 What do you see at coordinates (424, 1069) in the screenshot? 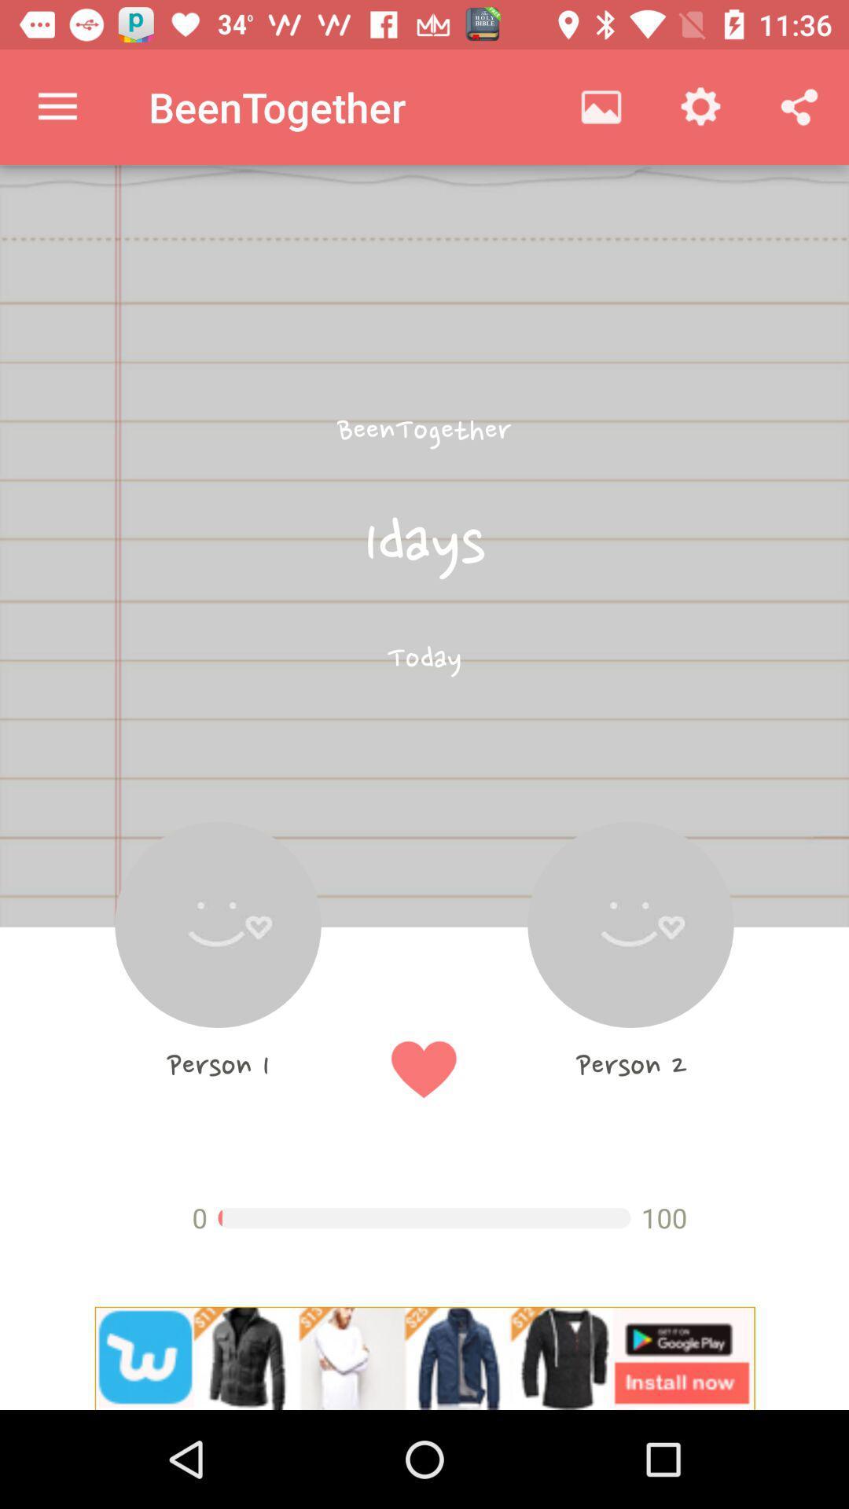
I see `the favorite icon` at bounding box center [424, 1069].